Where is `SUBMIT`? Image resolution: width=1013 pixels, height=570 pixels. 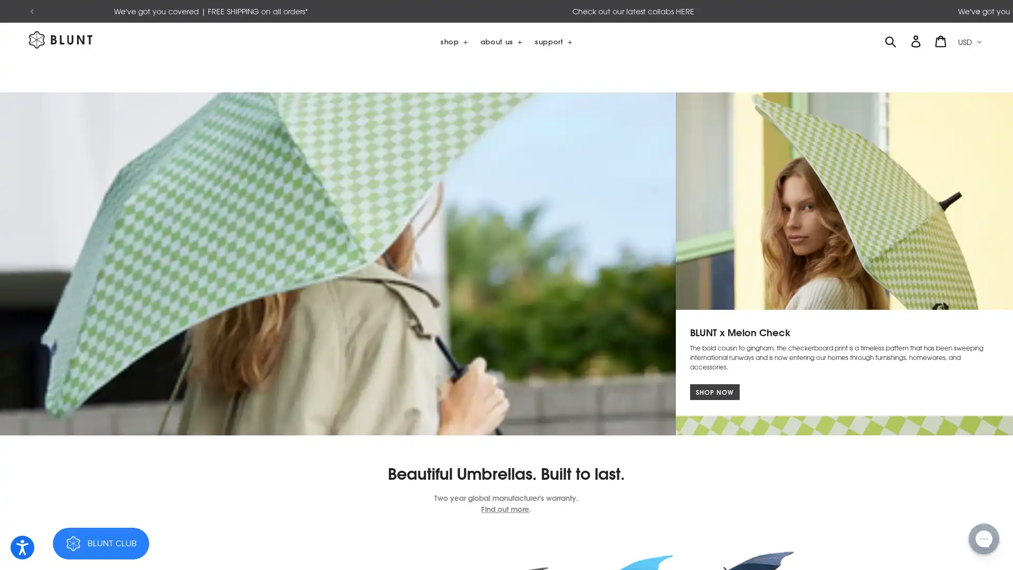 SUBMIT is located at coordinates (891, 40).